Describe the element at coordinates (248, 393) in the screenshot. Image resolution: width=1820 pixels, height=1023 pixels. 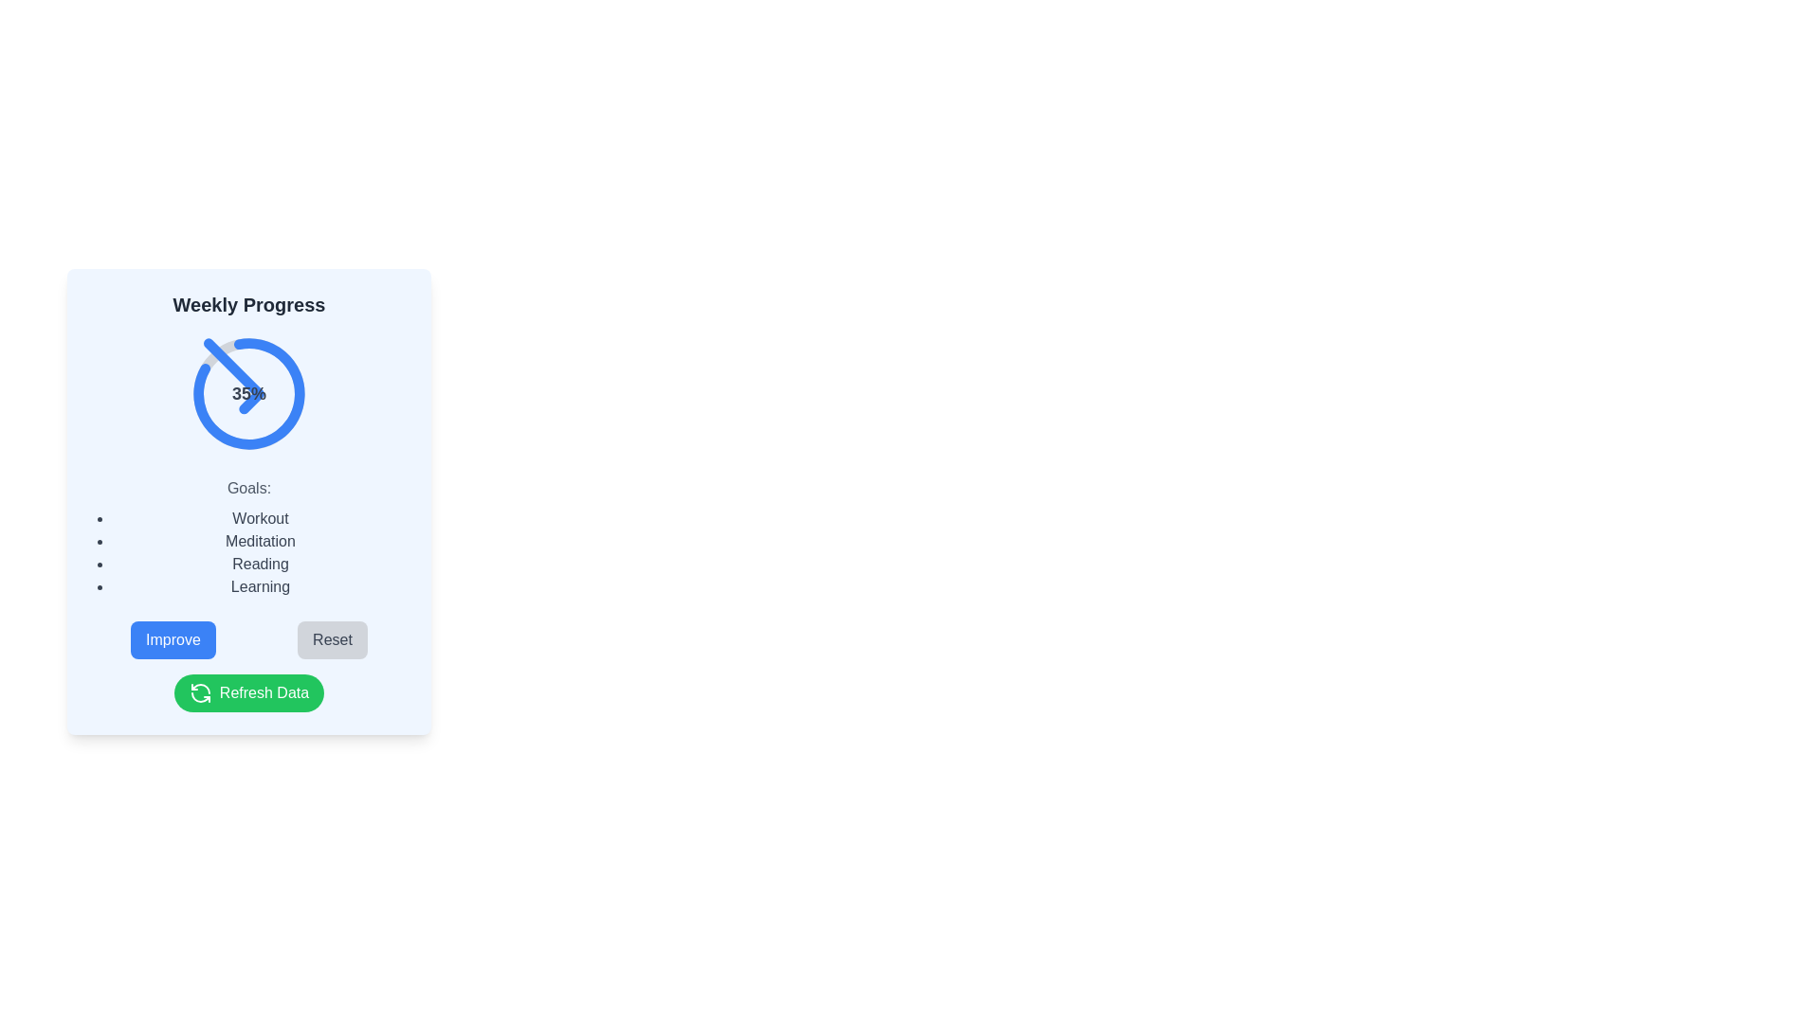
I see `the Graphical Circle Component, which is centrally located within the blue progress ring of the 'Weekly Progress' card` at that location.